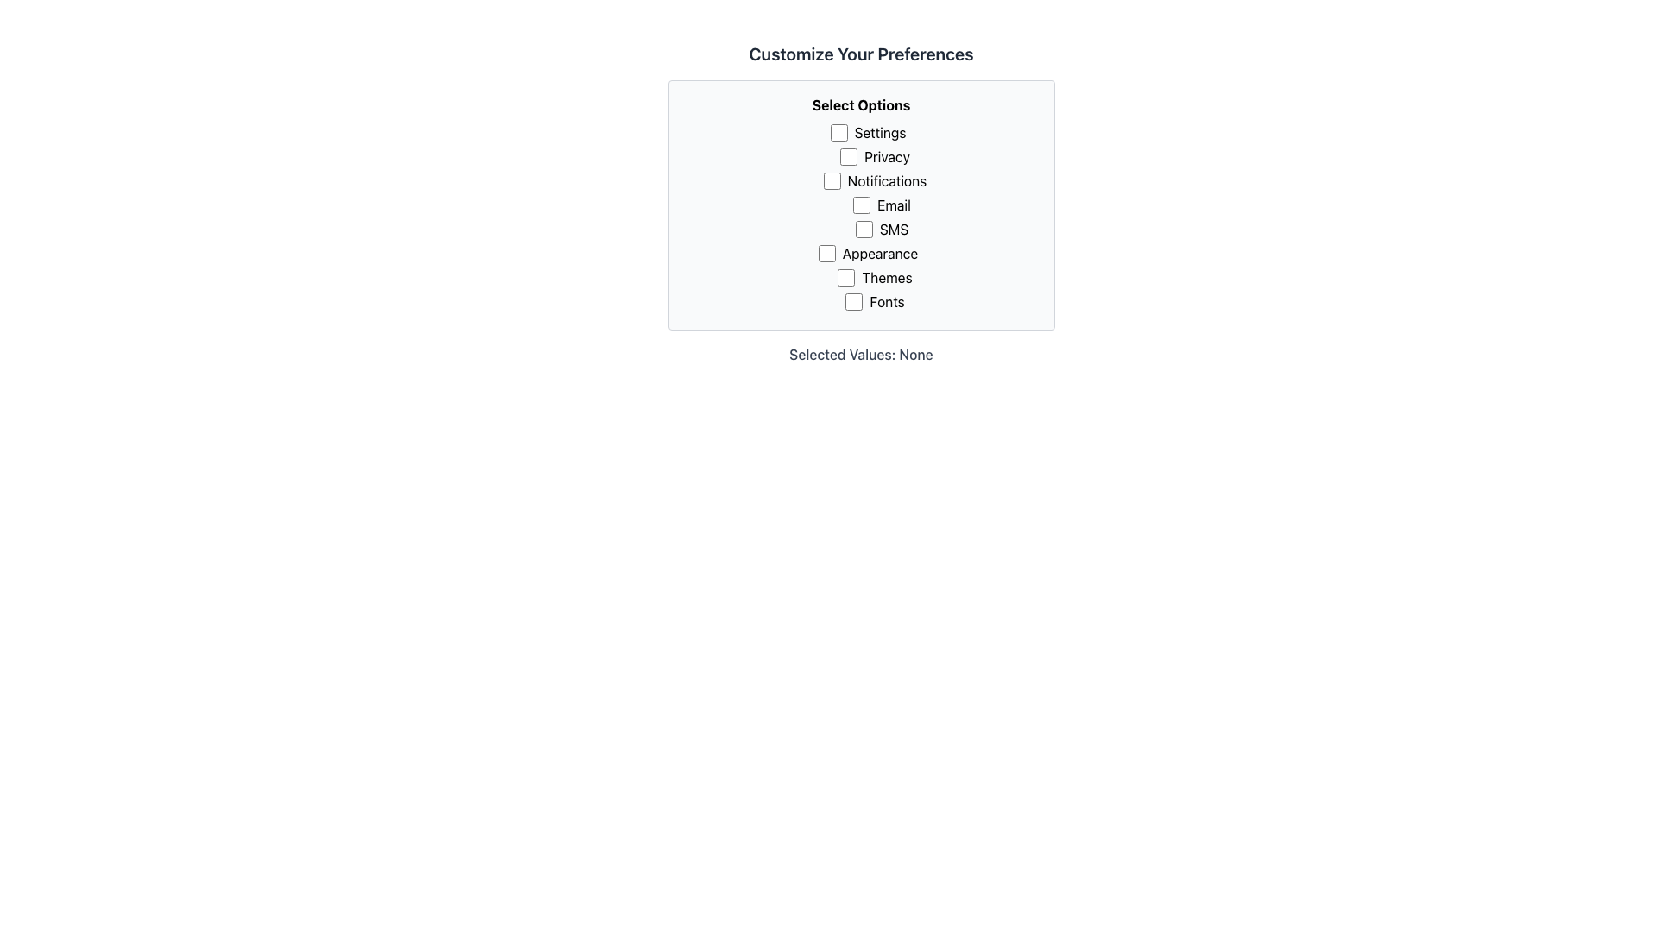 The image size is (1658, 932). I want to click on the 'SMS' label next to the checkbox in the 'Notifications' category, so click(882, 230).